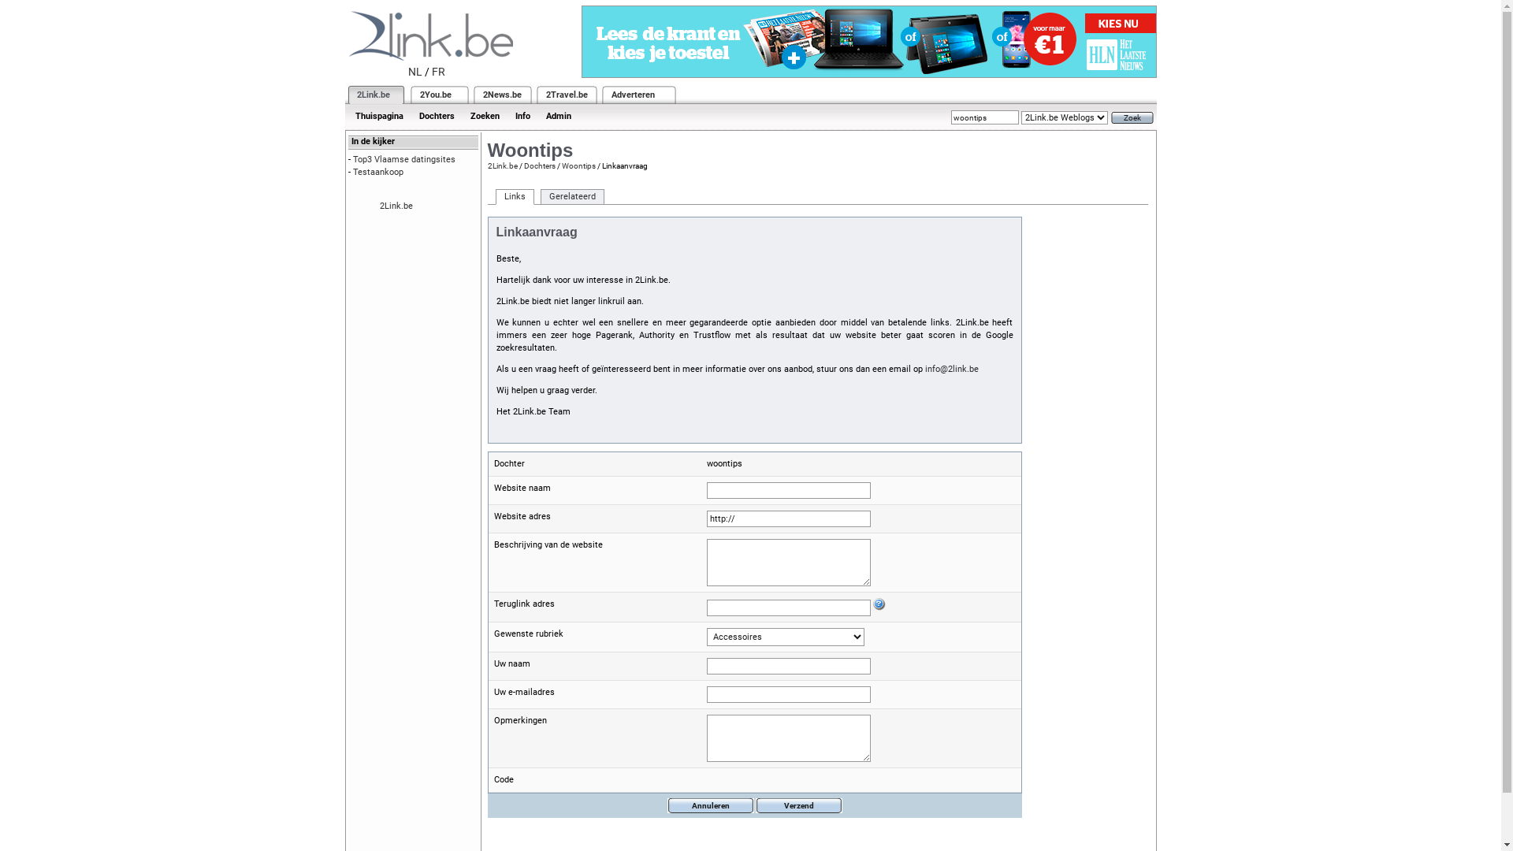  I want to click on '2Travel.be', so click(566, 95).